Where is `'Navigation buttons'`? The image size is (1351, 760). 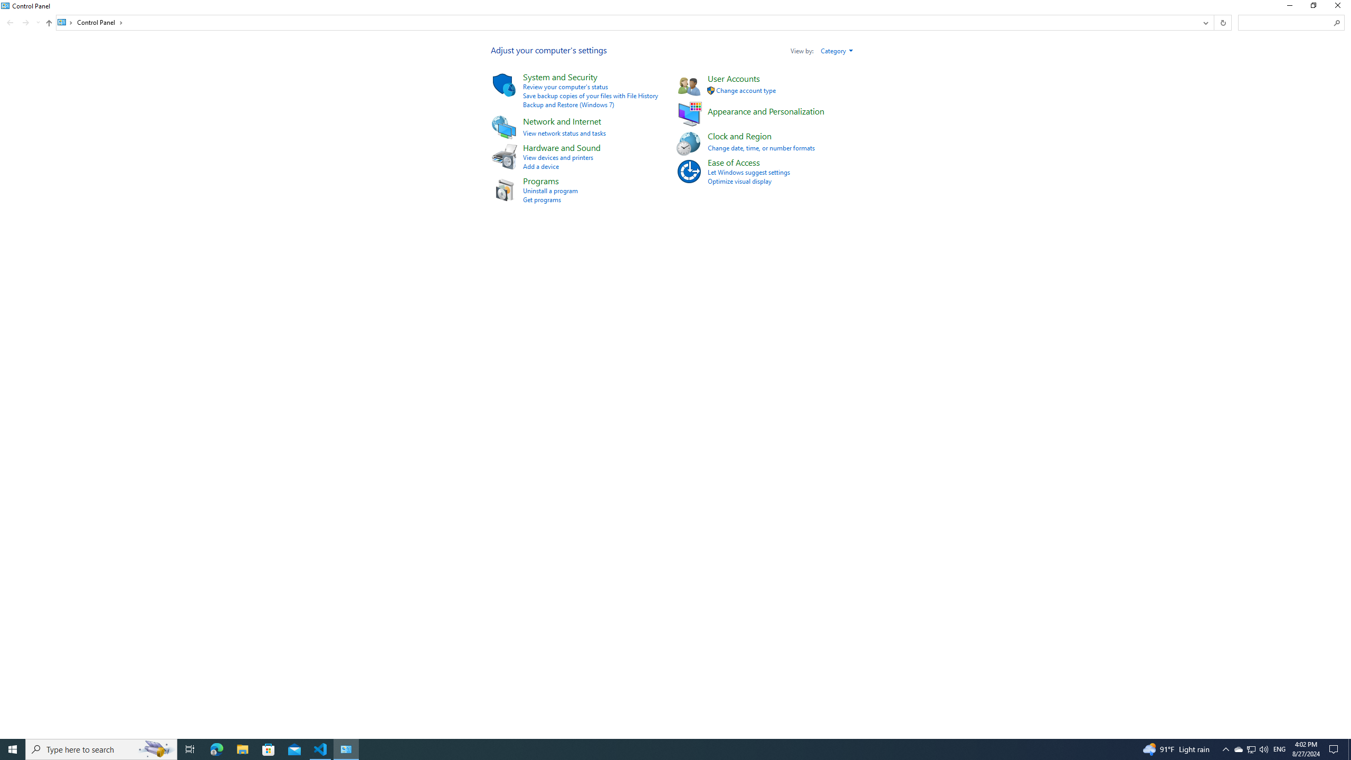
'Navigation buttons' is located at coordinates (22, 22).